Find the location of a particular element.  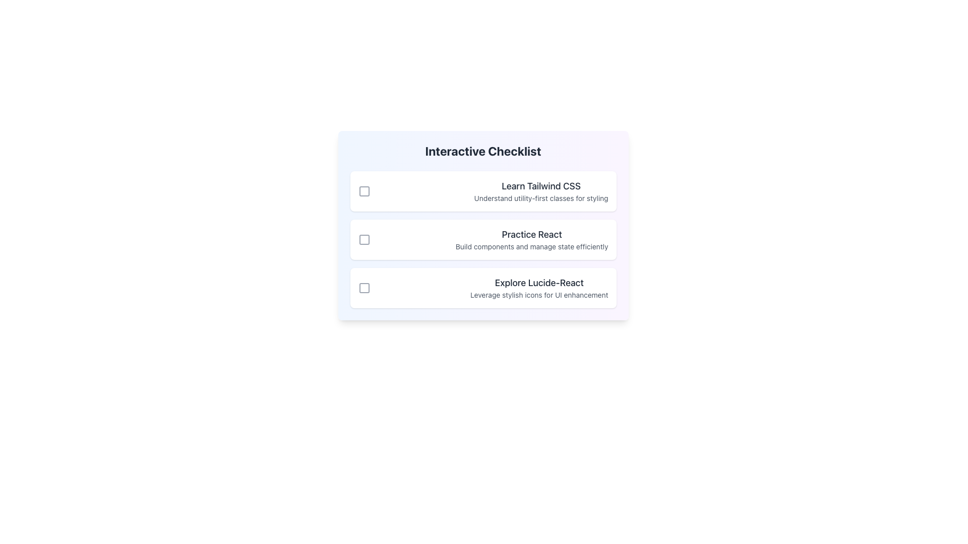

the text label that describes 'Practice React', which features a bold headline and a smaller descriptive line, positioned as the second item in a vertical checklist format is located at coordinates (531, 239).